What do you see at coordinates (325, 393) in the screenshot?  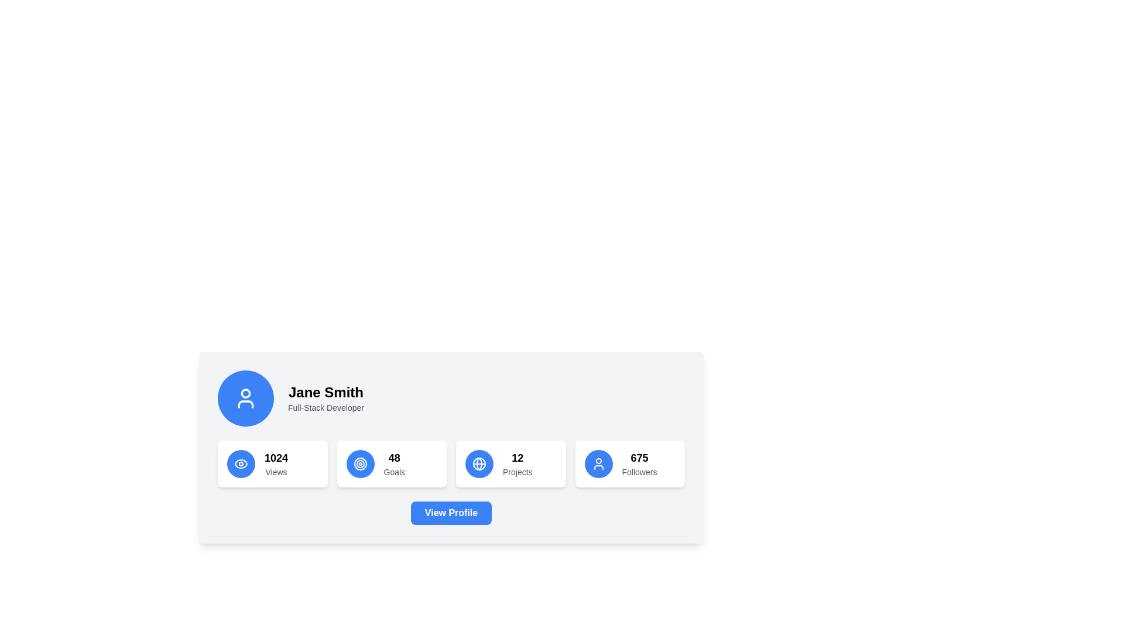 I see `the static text name label located in the upper section of the profile card, positioned above the 'Full-Stack Developer' text` at bounding box center [325, 393].